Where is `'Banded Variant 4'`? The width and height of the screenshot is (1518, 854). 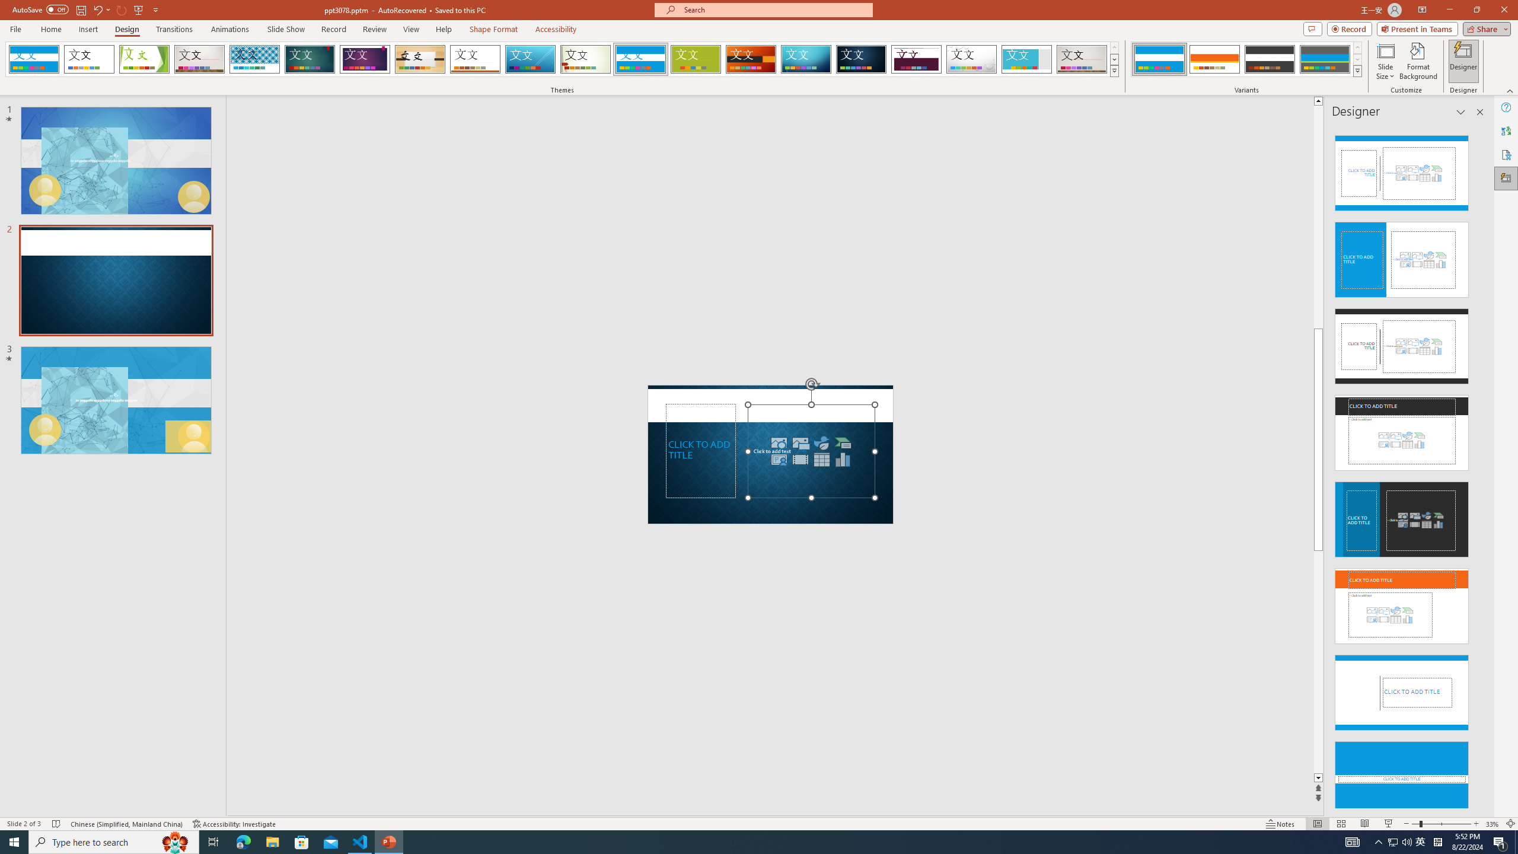 'Banded Variant 4' is located at coordinates (1324, 59).